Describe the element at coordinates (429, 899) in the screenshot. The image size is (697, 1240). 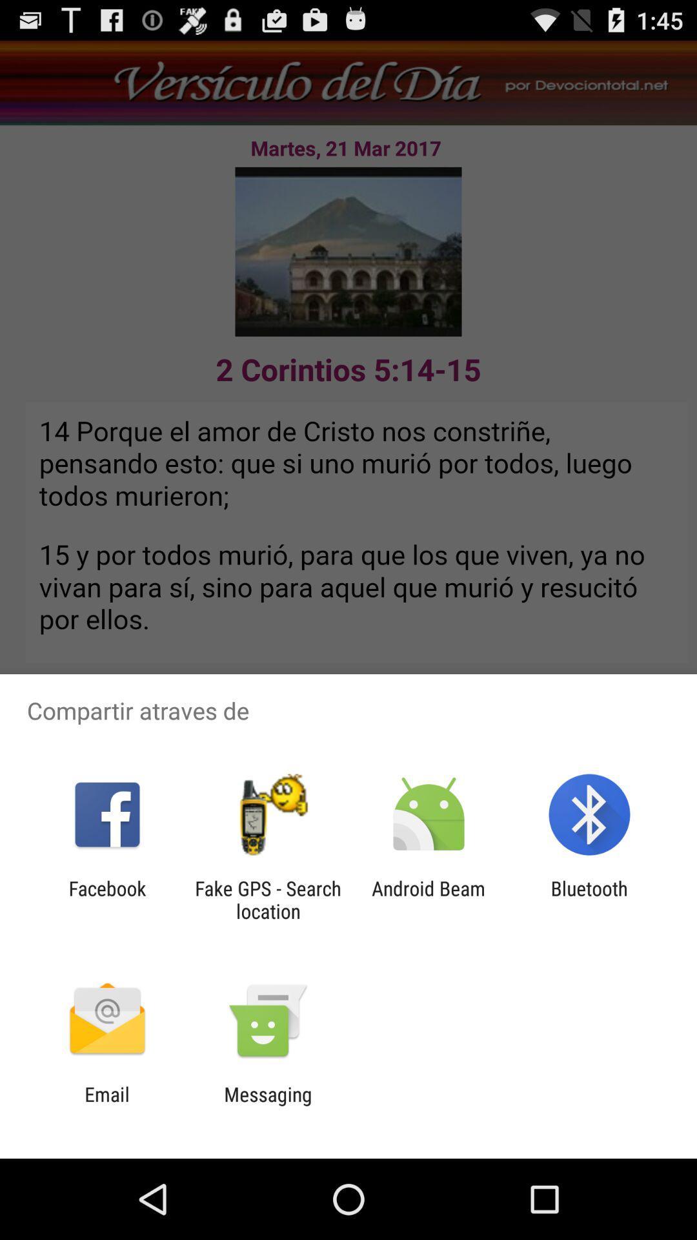
I see `icon to the left of the bluetooth` at that location.